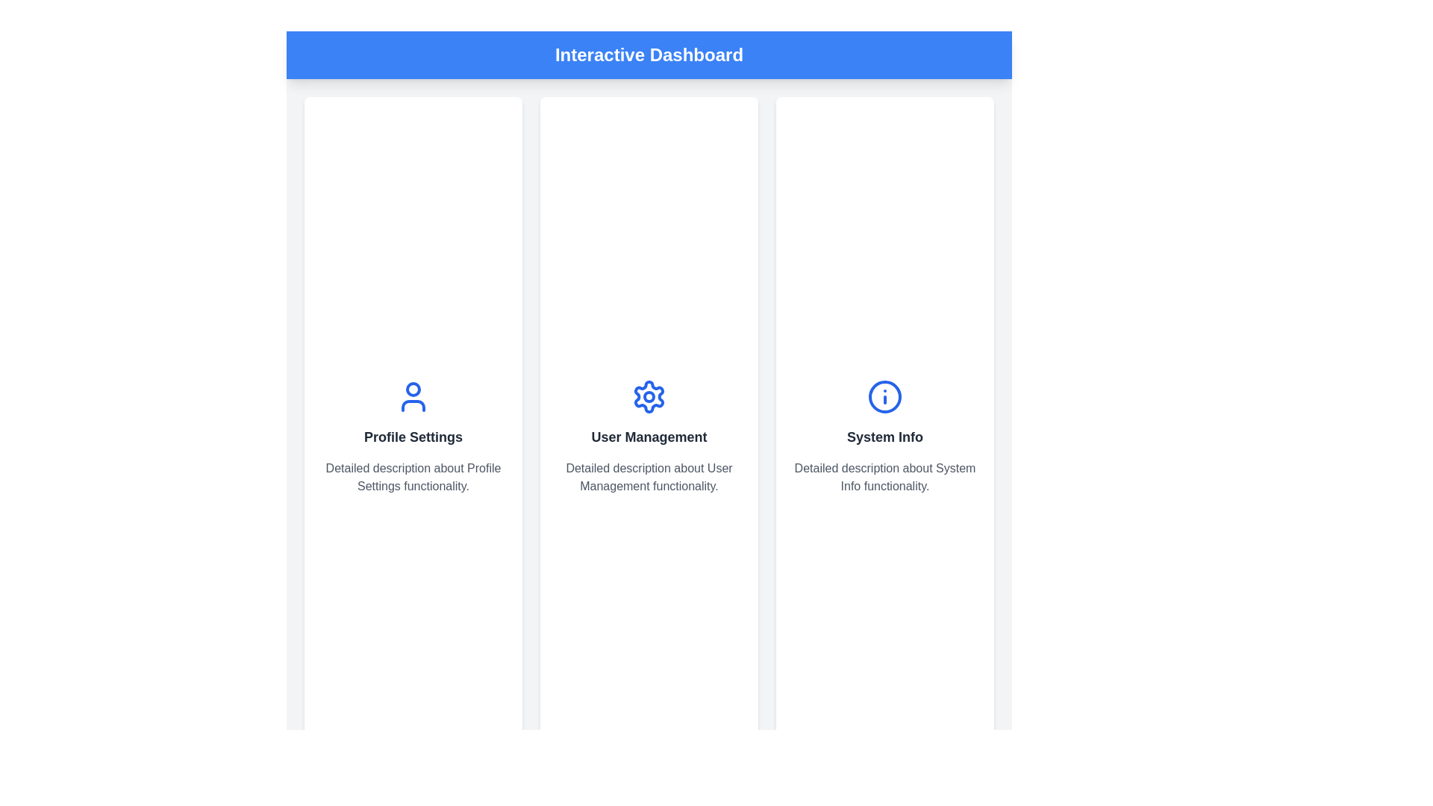  What do you see at coordinates (884, 396) in the screenshot?
I see `the informational icon for 'System Info' located centrally on the right side of the dashboard interface` at bounding box center [884, 396].